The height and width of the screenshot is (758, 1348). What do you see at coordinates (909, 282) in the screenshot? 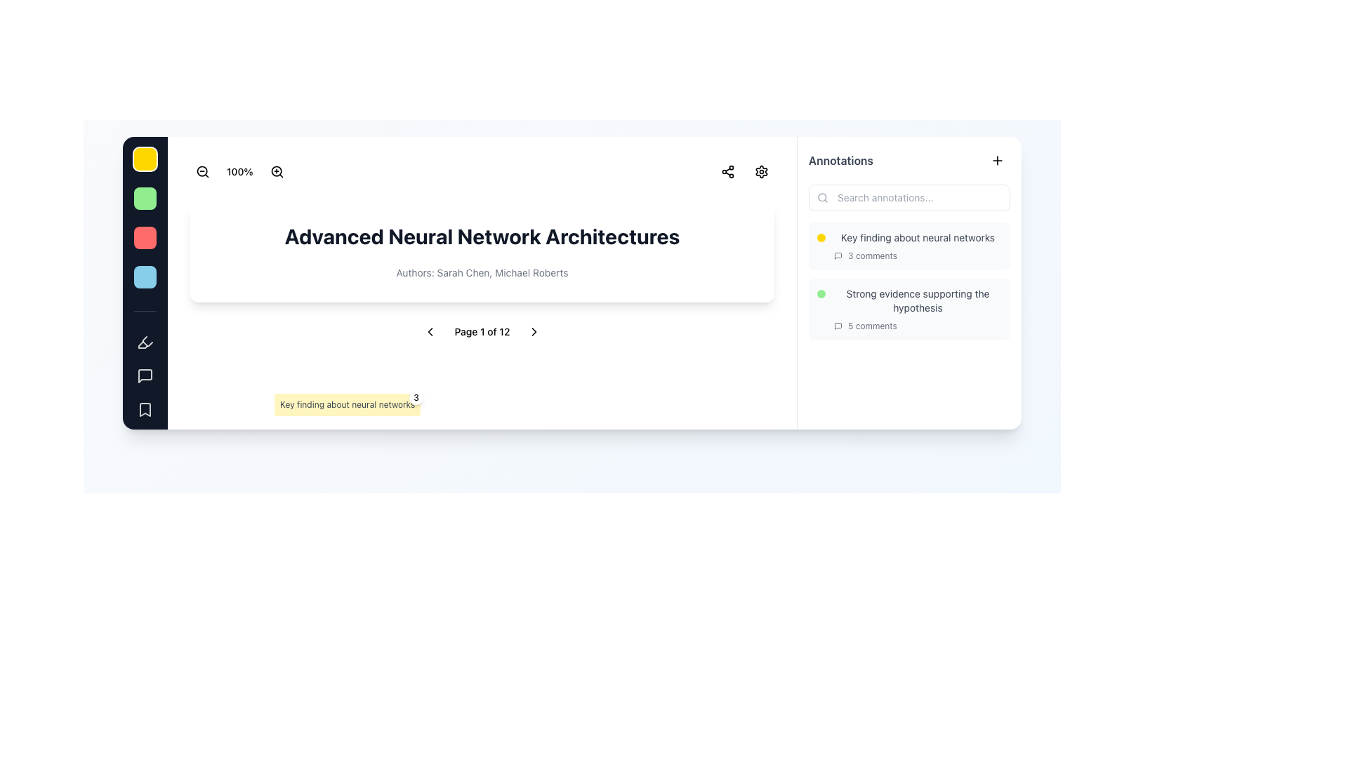
I see `the second entry of the 'Annotations' list item located on the right side of the interface for actions like editing or viewing comments` at bounding box center [909, 282].